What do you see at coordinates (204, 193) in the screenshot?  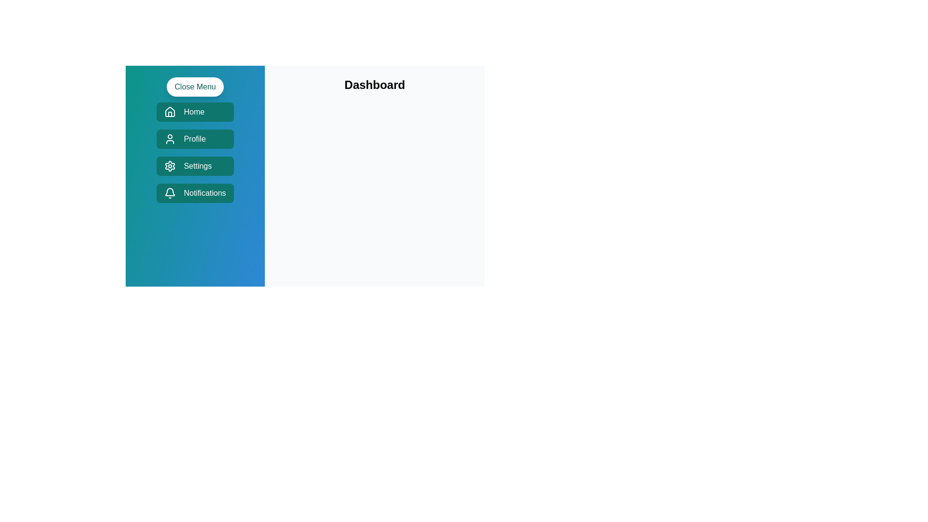 I see `the 'Notifications' text label within the button component, which is styled with a bold, white font and a teal rounded rectangle background` at bounding box center [204, 193].